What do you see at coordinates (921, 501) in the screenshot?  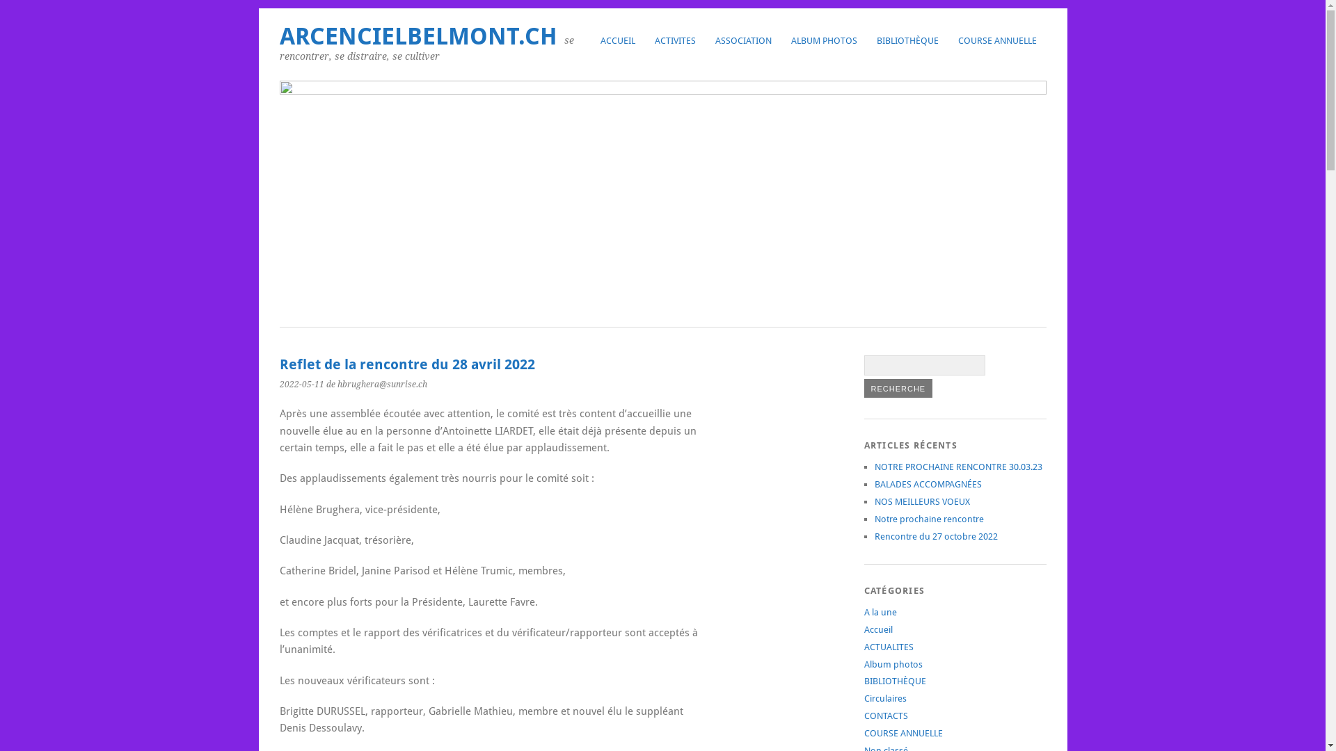 I see `'NOS MEILLEURS VOEUX'` at bounding box center [921, 501].